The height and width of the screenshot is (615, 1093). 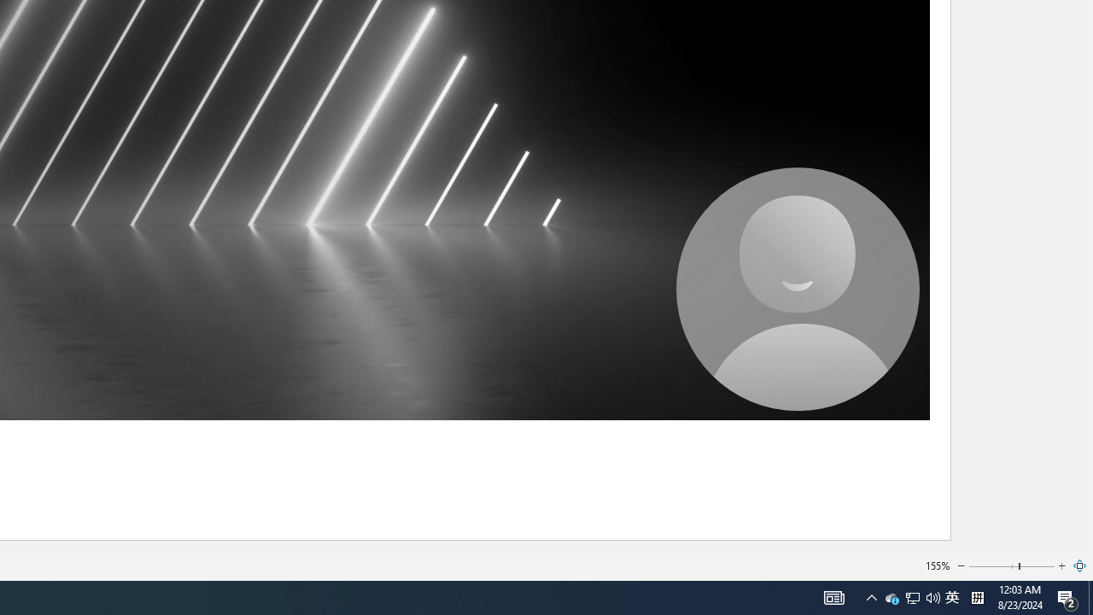 I want to click on 'Page right', so click(x=1037, y=566).